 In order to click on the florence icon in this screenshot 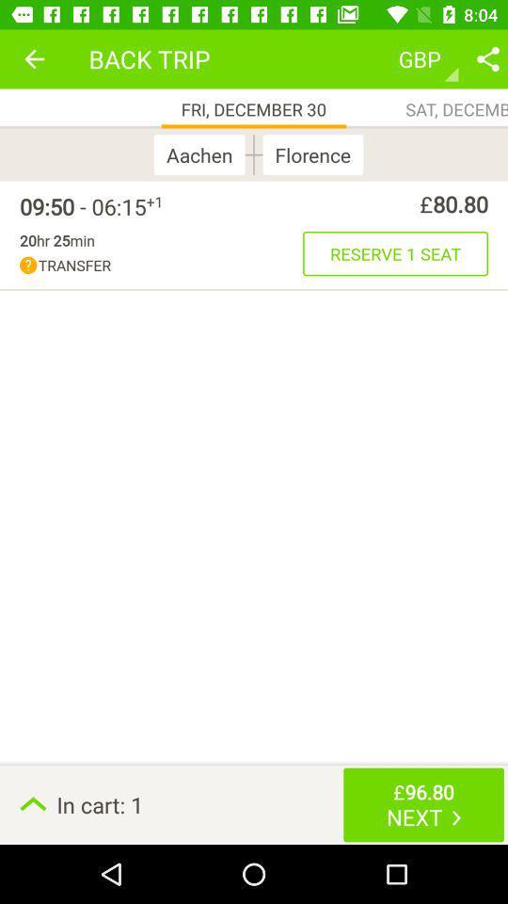, I will do `click(309, 153)`.